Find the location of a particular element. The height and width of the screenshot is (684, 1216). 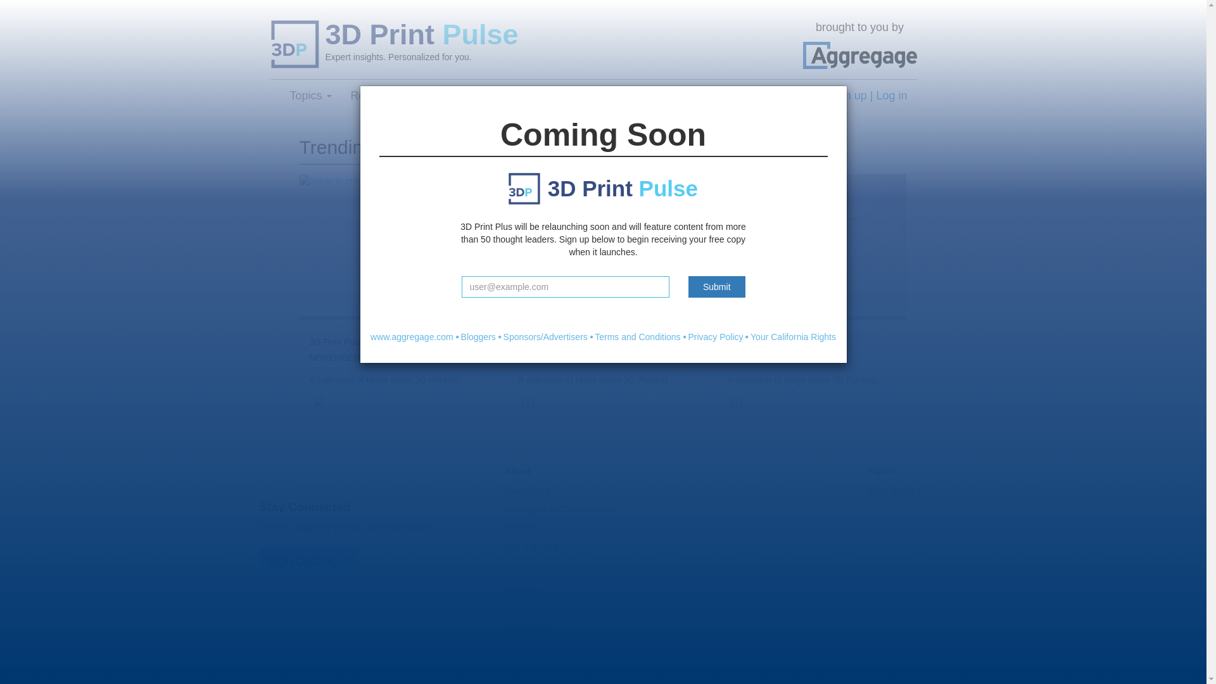

'Submit' is located at coordinates (717, 286).